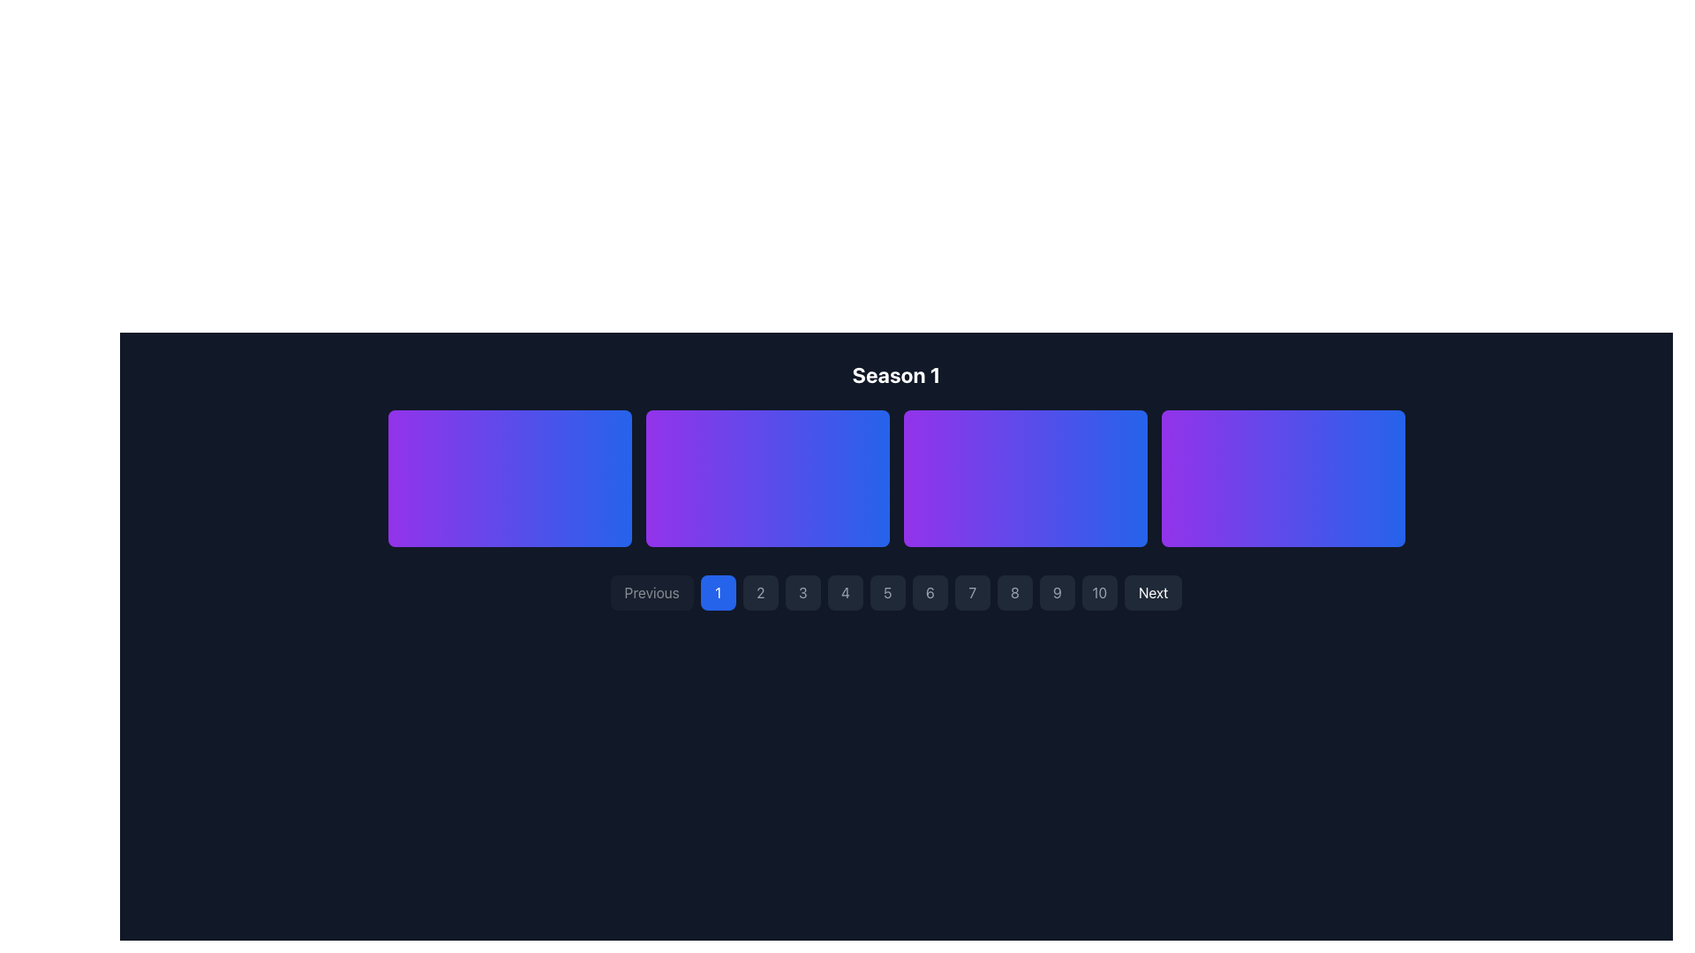 The width and height of the screenshot is (1695, 953). What do you see at coordinates (760, 593) in the screenshot?
I see `the small, square-shaped button with a dark-gray background and '2' text` at bounding box center [760, 593].